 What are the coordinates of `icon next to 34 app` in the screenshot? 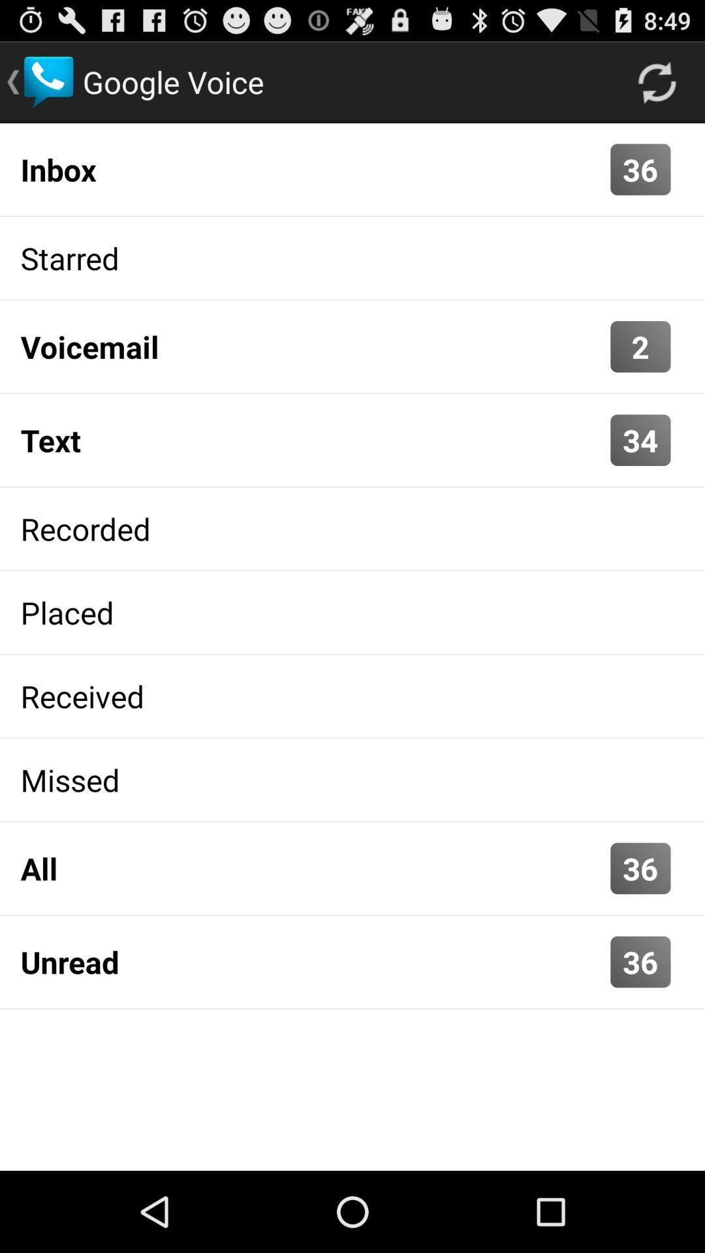 It's located at (312, 440).